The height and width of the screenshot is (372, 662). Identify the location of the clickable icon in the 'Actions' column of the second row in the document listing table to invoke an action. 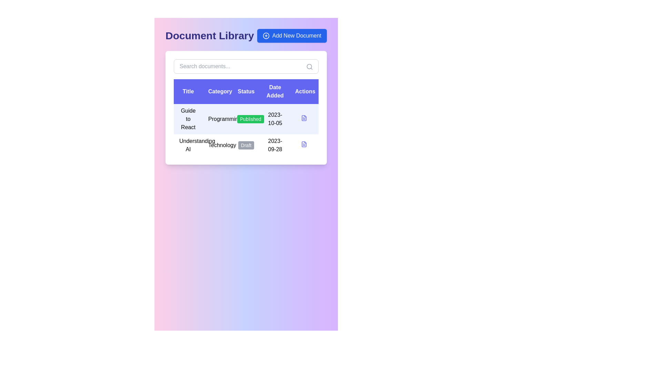
(304, 143).